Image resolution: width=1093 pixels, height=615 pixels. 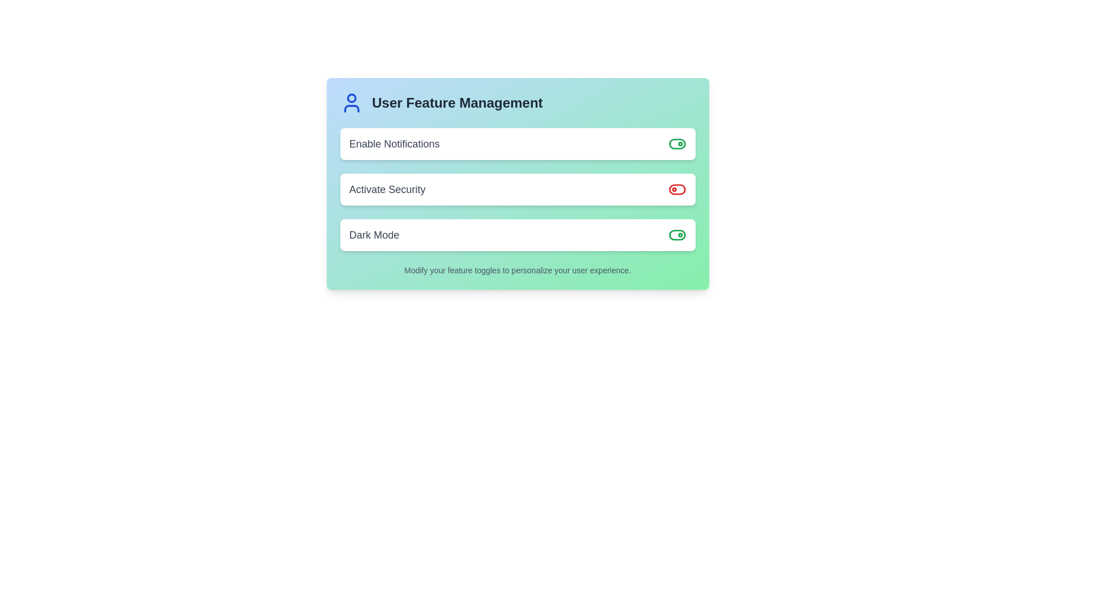 I want to click on the appearance of the toggle background element located next to the 'Dark Mode' text, which indicates the state of the toggle switch through its visible color, so click(x=677, y=143).